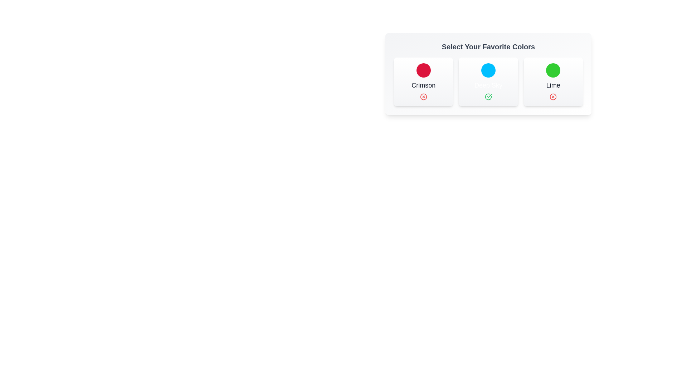  Describe the element at coordinates (487, 81) in the screenshot. I see `the chip corresponding to Deep Sky` at that location.